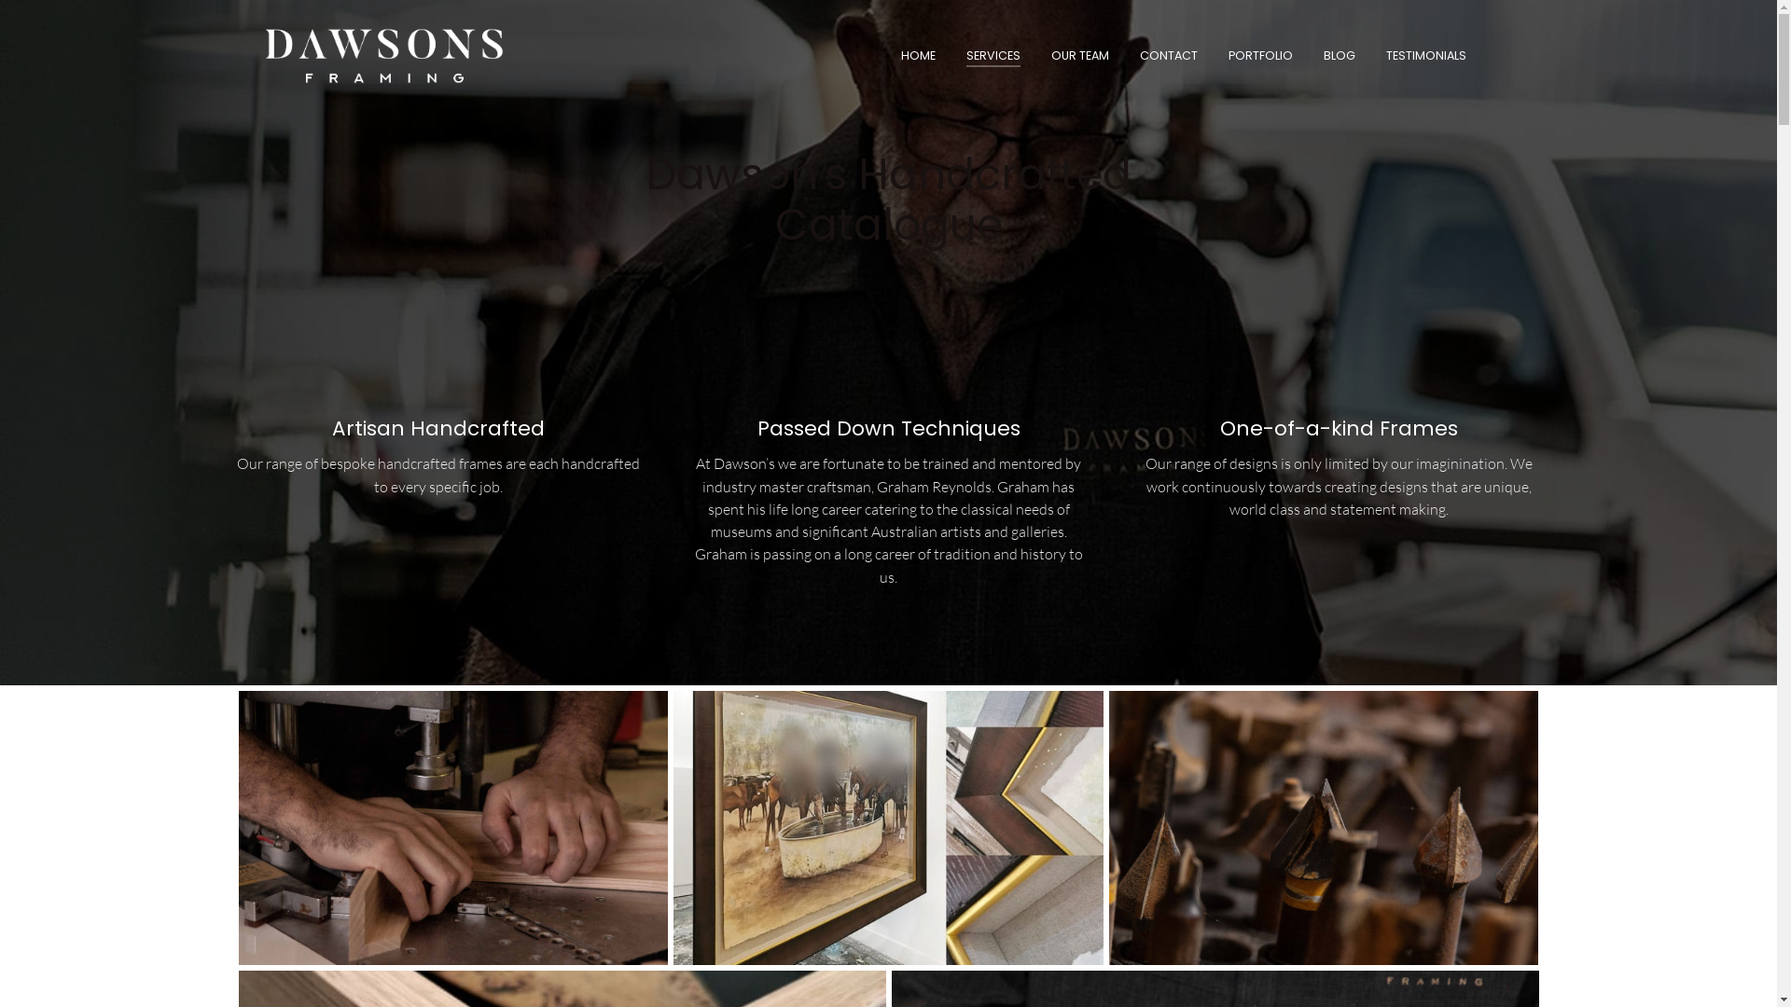 The height and width of the screenshot is (1007, 1791). What do you see at coordinates (1073, 55) in the screenshot?
I see `'OUR TEAM'` at bounding box center [1073, 55].